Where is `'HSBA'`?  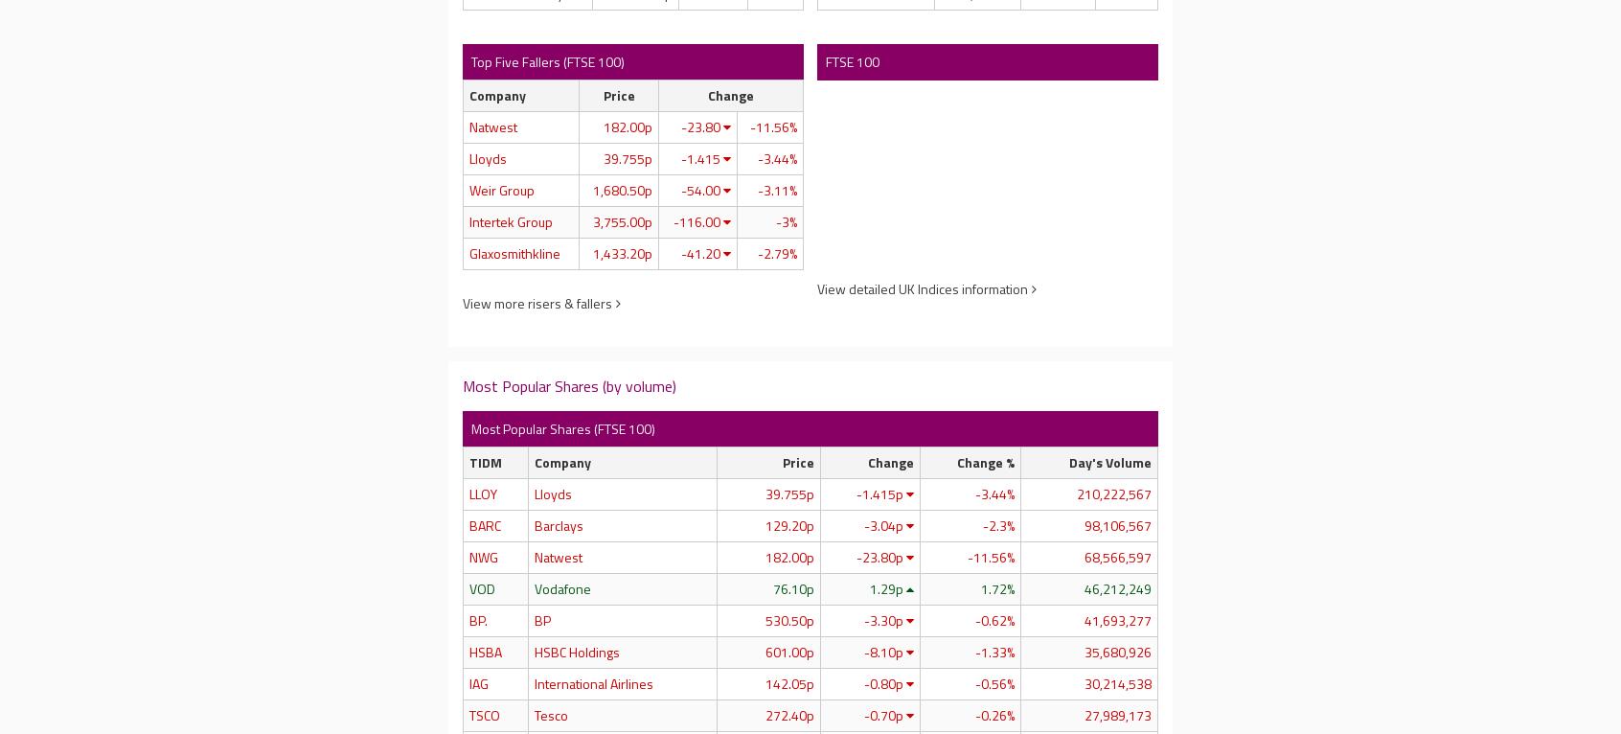 'HSBA' is located at coordinates (485, 652).